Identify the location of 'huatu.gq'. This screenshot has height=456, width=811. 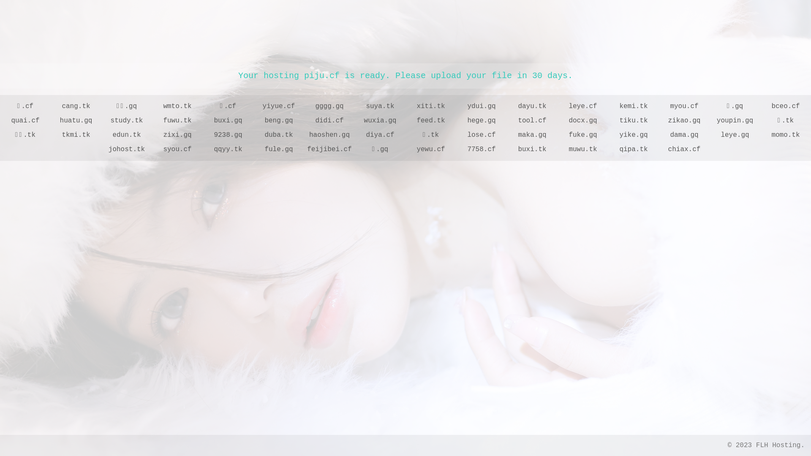
(50, 120).